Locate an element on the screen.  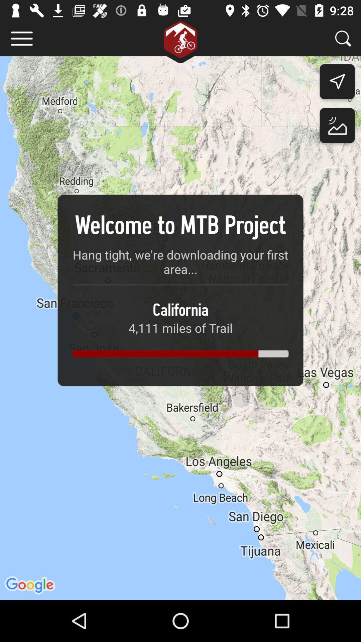
search is located at coordinates (343, 38).